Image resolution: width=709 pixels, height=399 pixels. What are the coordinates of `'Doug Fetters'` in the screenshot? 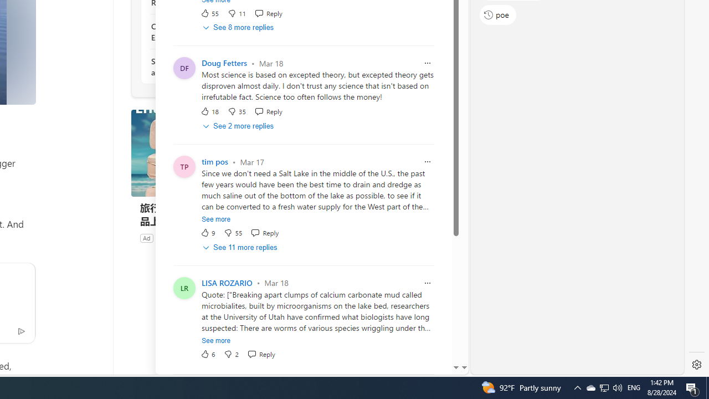 It's located at (224, 63).